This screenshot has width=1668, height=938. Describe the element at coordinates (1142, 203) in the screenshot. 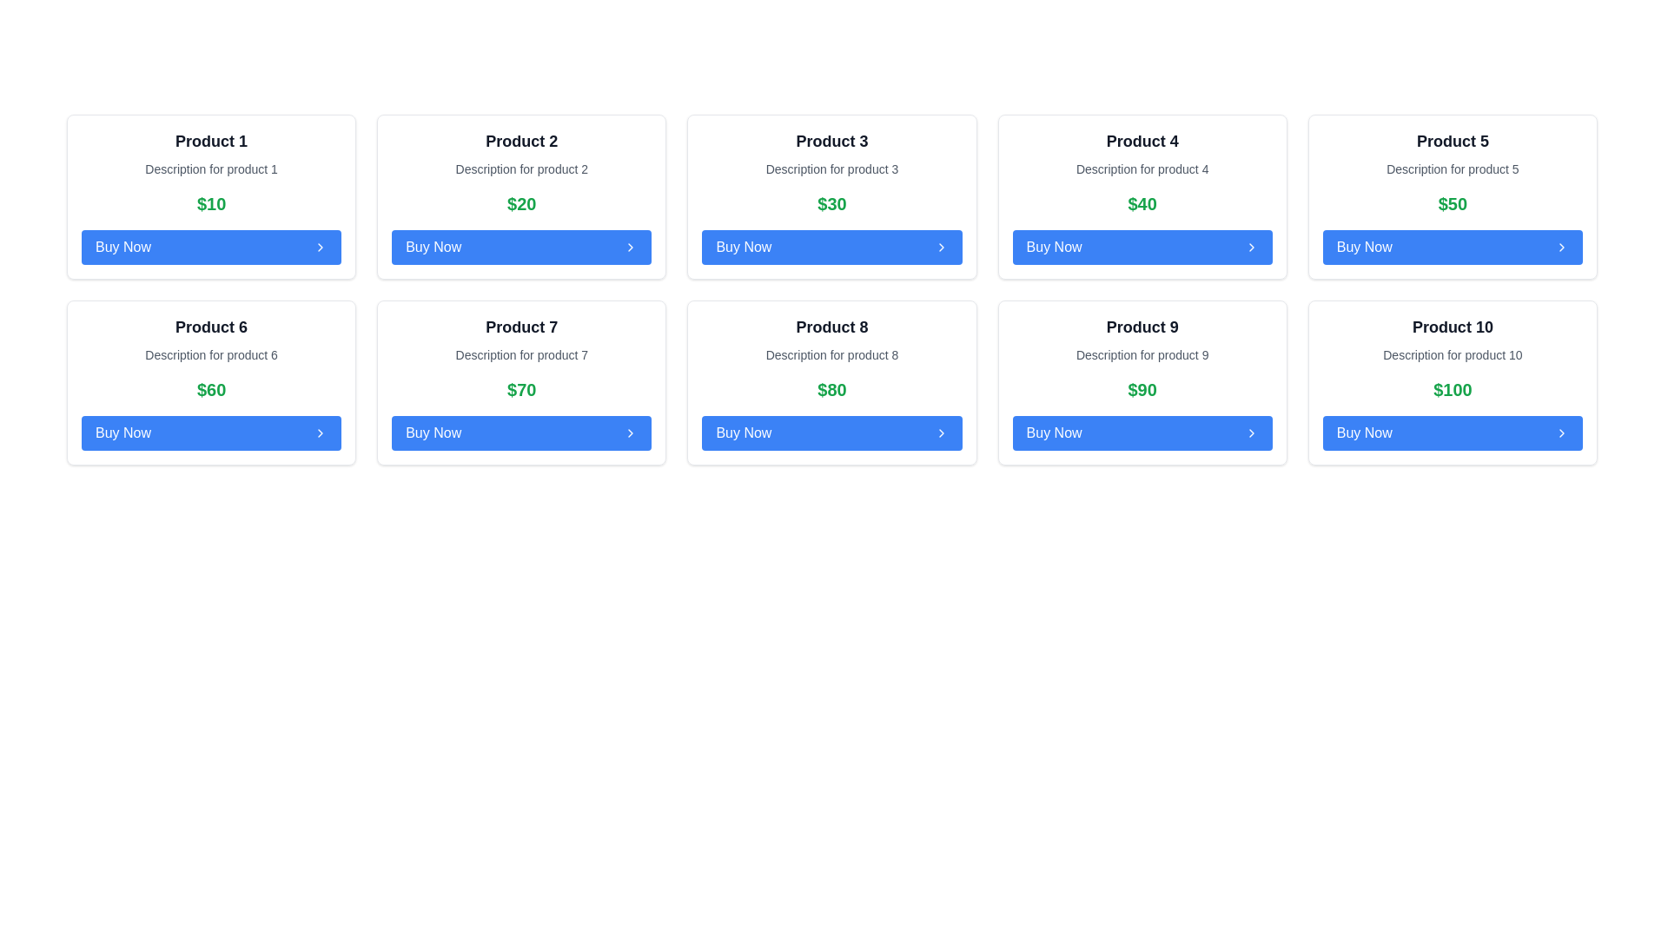

I see `the static text label displaying the price '$40' of 'Product 4', which is located in the product card above the 'Buy Now' button` at that location.